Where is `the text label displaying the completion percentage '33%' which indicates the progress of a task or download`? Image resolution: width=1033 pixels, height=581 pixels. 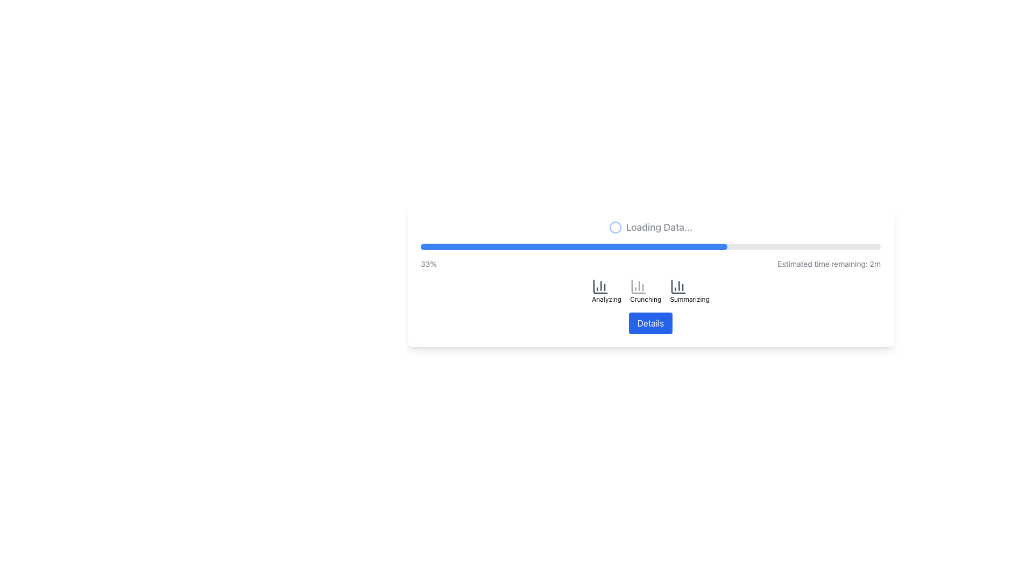
the text label displaying the completion percentage '33%' which indicates the progress of a task or download is located at coordinates (428, 264).